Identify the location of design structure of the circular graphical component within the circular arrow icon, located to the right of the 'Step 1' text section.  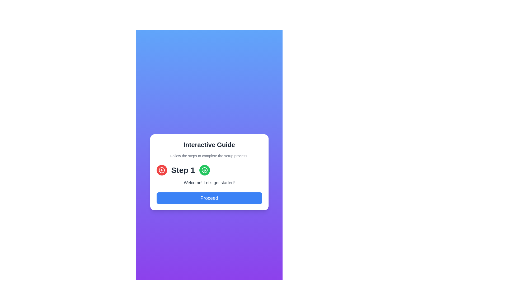
(204, 170).